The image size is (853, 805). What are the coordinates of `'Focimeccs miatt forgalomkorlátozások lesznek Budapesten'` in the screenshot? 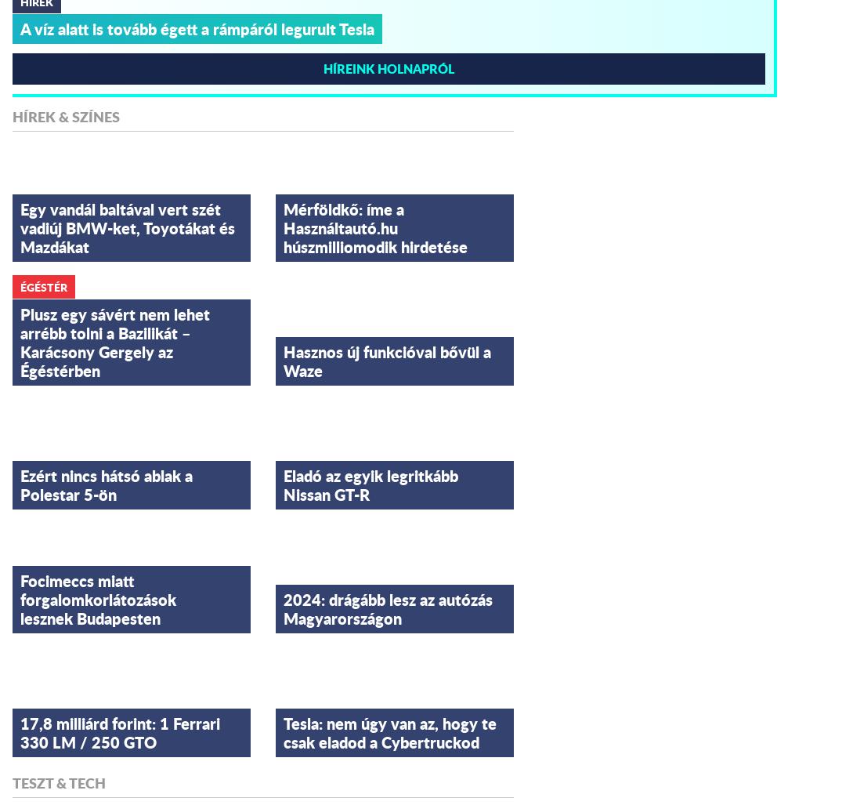 It's located at (98, 597).